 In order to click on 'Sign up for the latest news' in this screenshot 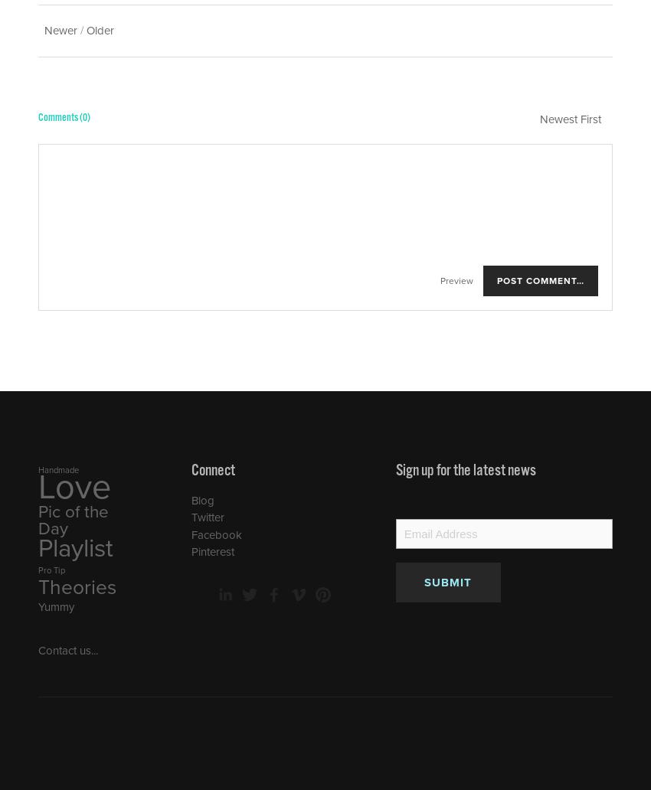, I will do `click(464, 470)`.